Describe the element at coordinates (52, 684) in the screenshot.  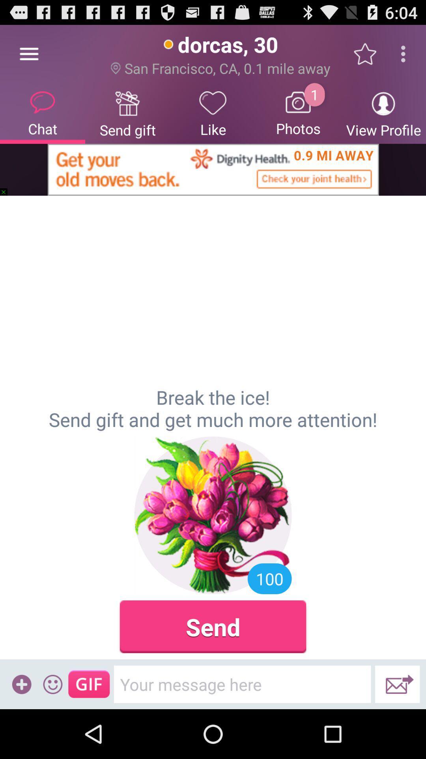
I see `icon below break the ice icon` at that location.